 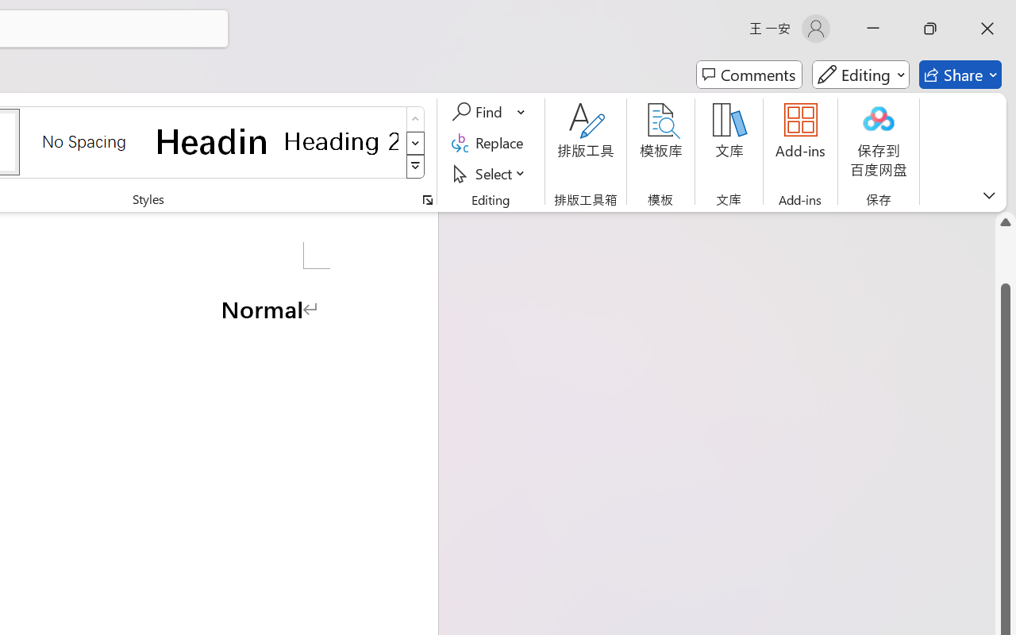 I want to click on 'Line up', so click(x=1005, y=222).